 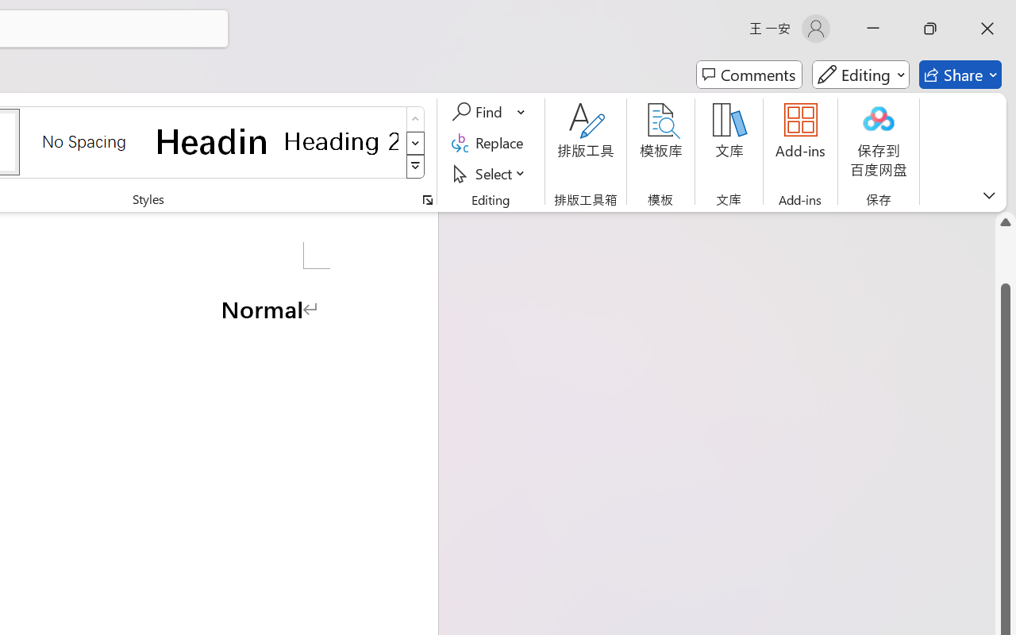 I want to click on 'Line up', so click(x=1005, y=222).